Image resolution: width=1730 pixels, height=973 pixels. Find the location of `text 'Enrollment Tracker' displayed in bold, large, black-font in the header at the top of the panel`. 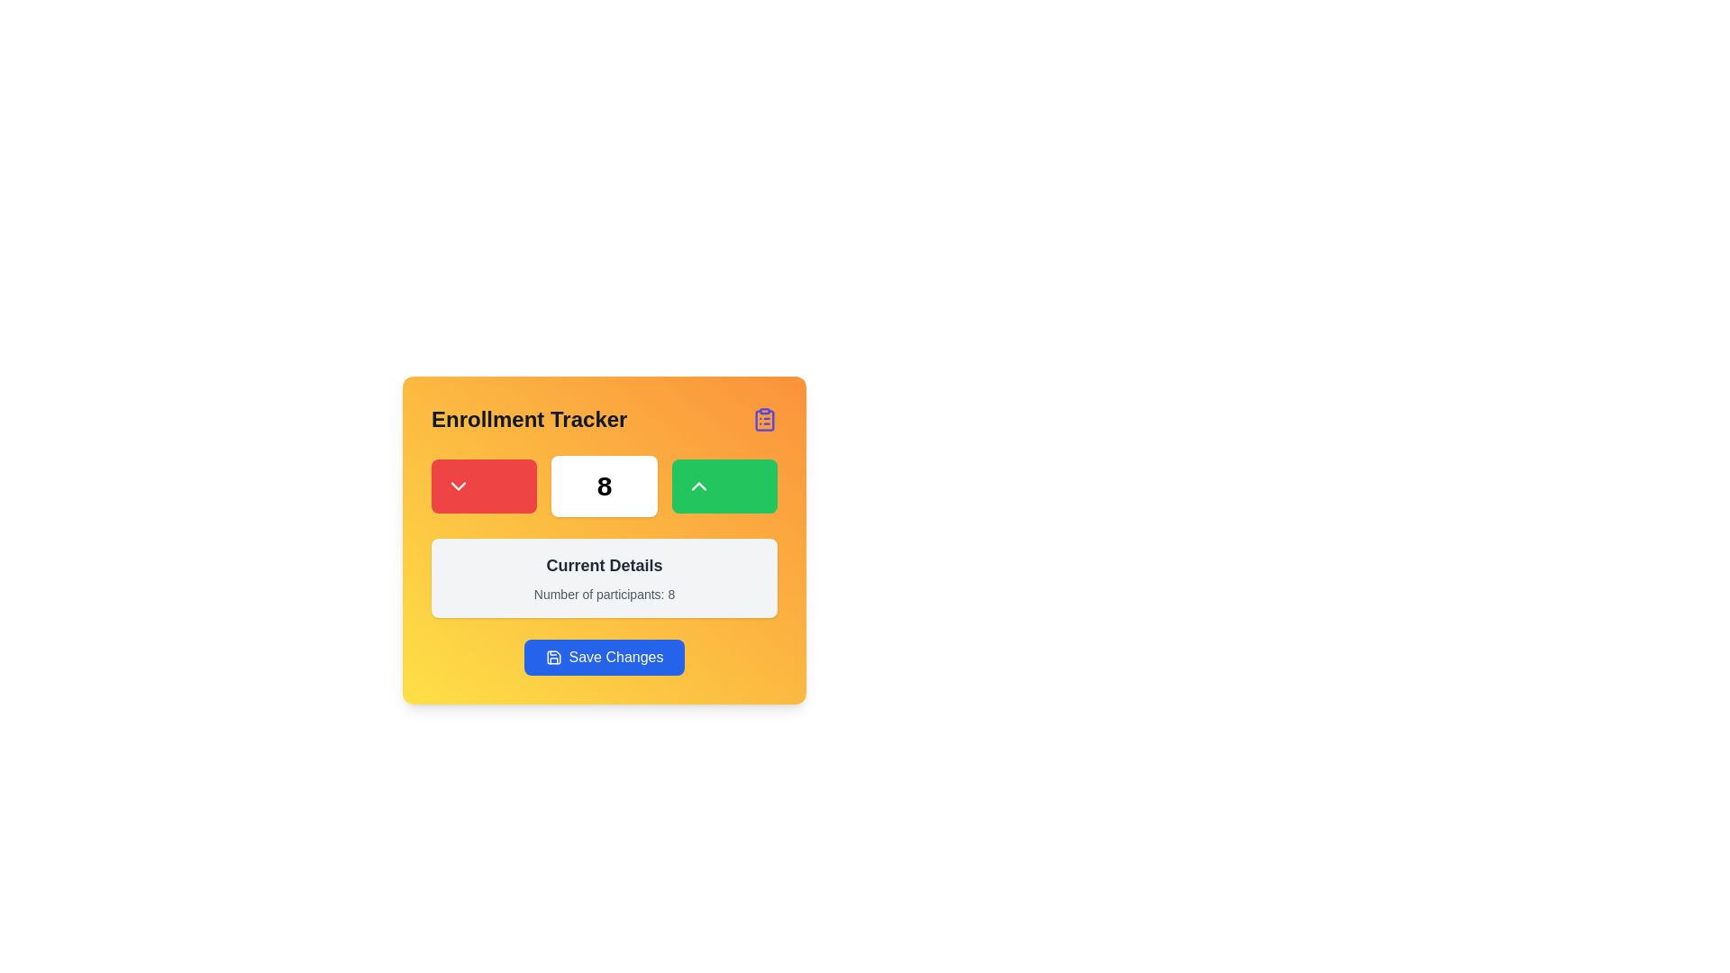

text 'Enrollment Tracker' displayed in bold, large, black-font in the header at the top of the panel is located at coordinates (605, 420).